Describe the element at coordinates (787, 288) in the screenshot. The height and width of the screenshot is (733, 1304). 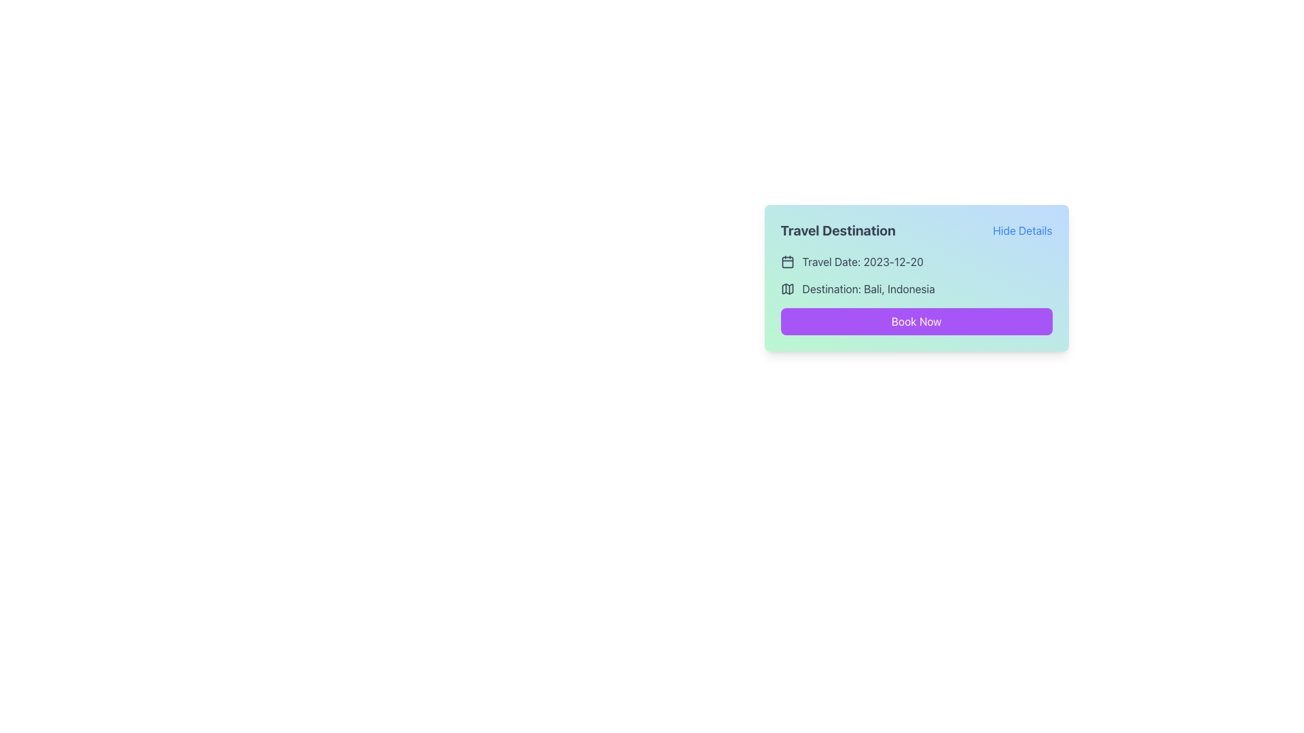
I see `the map icon located to the left of the text 'Destination: Bali, Indonesia' in the travel destination card` at that location.